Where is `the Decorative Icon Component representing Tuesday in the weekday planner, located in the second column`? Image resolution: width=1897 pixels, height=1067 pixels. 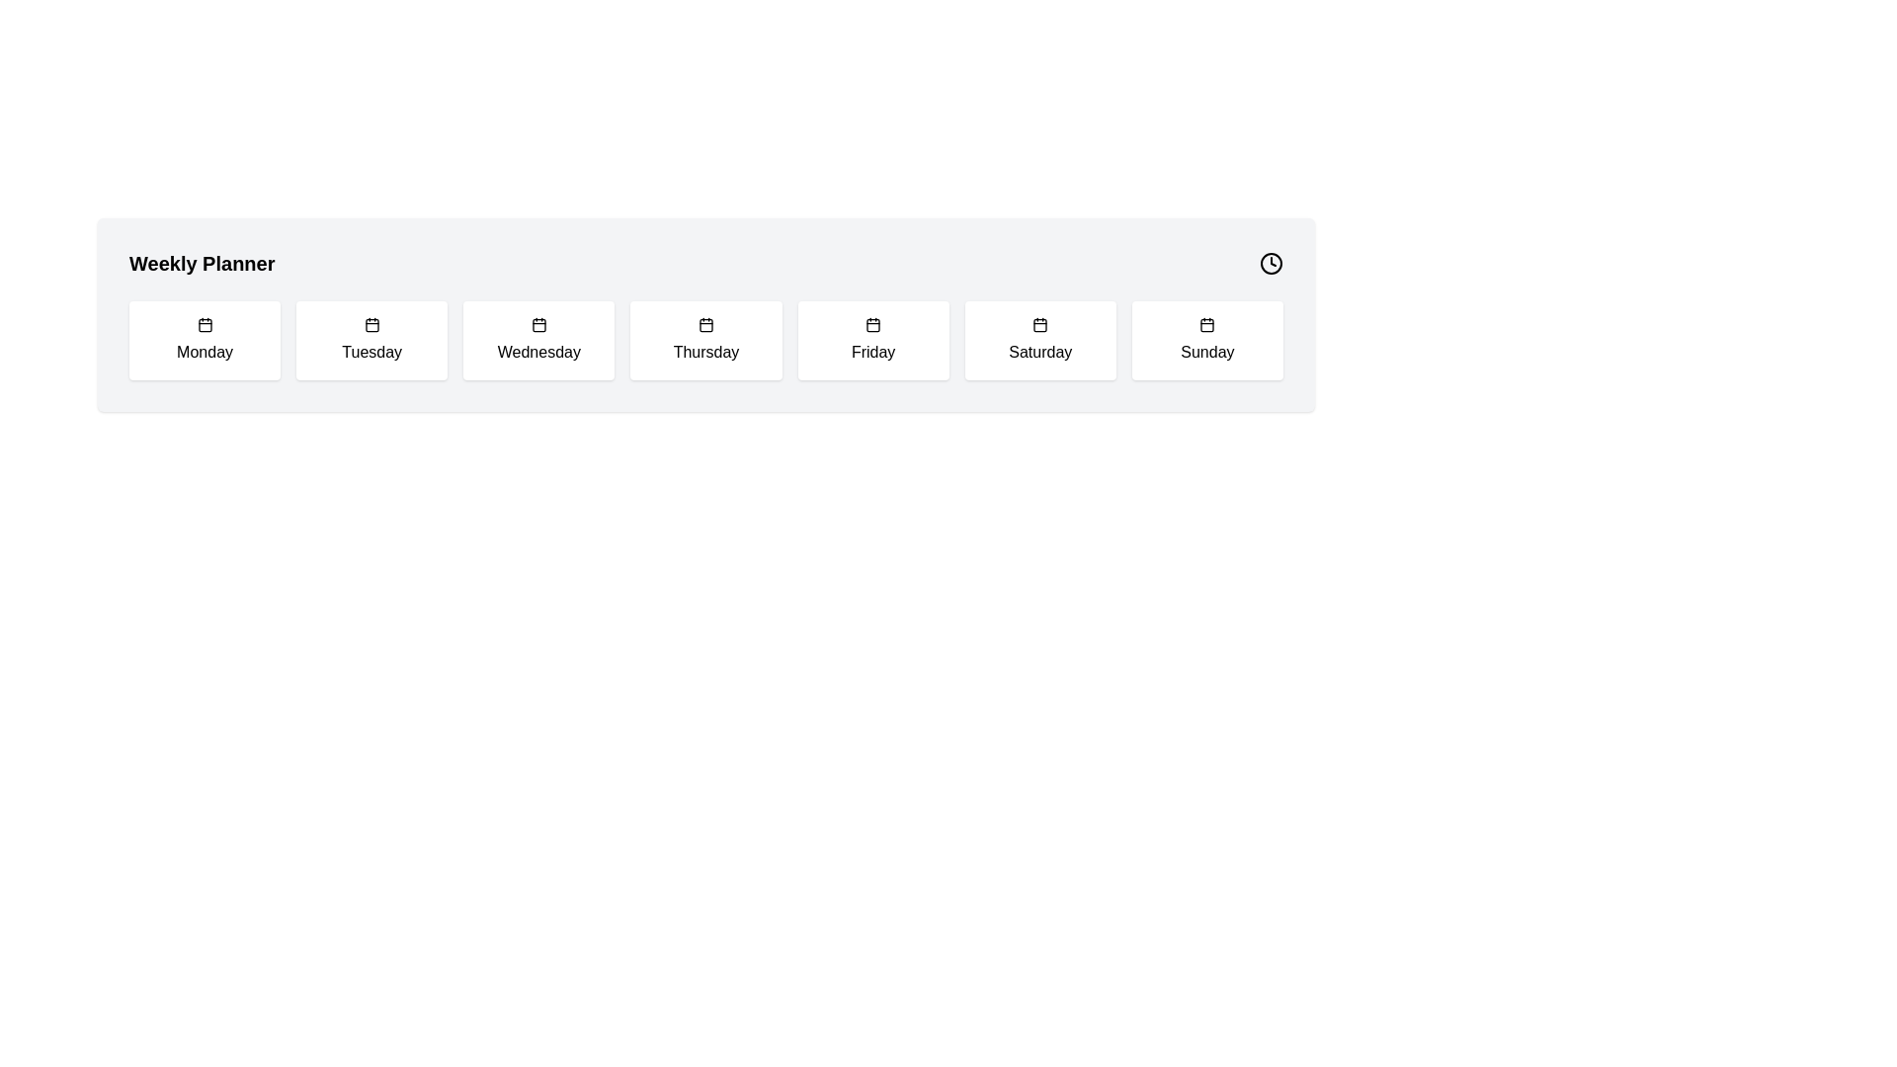
the Decorative Icon Component representing Tuesday in the weekday planner, located in the second column is located at coordinates (371, 324).